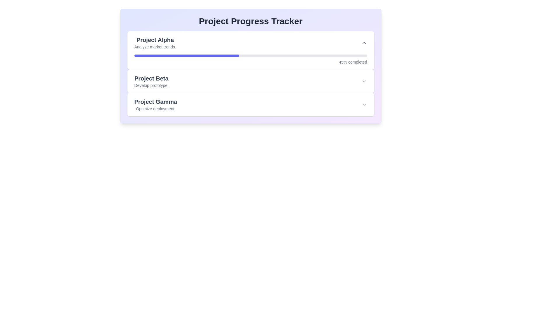 The width and height of the screenshot is (560, 315). Describe the element at coordinates (151, 78) in the screenshot. I see `the Text Label that serves as the title for the project, positioned between 'Project Alpha' and 'Project Gamma' sections` at that location.